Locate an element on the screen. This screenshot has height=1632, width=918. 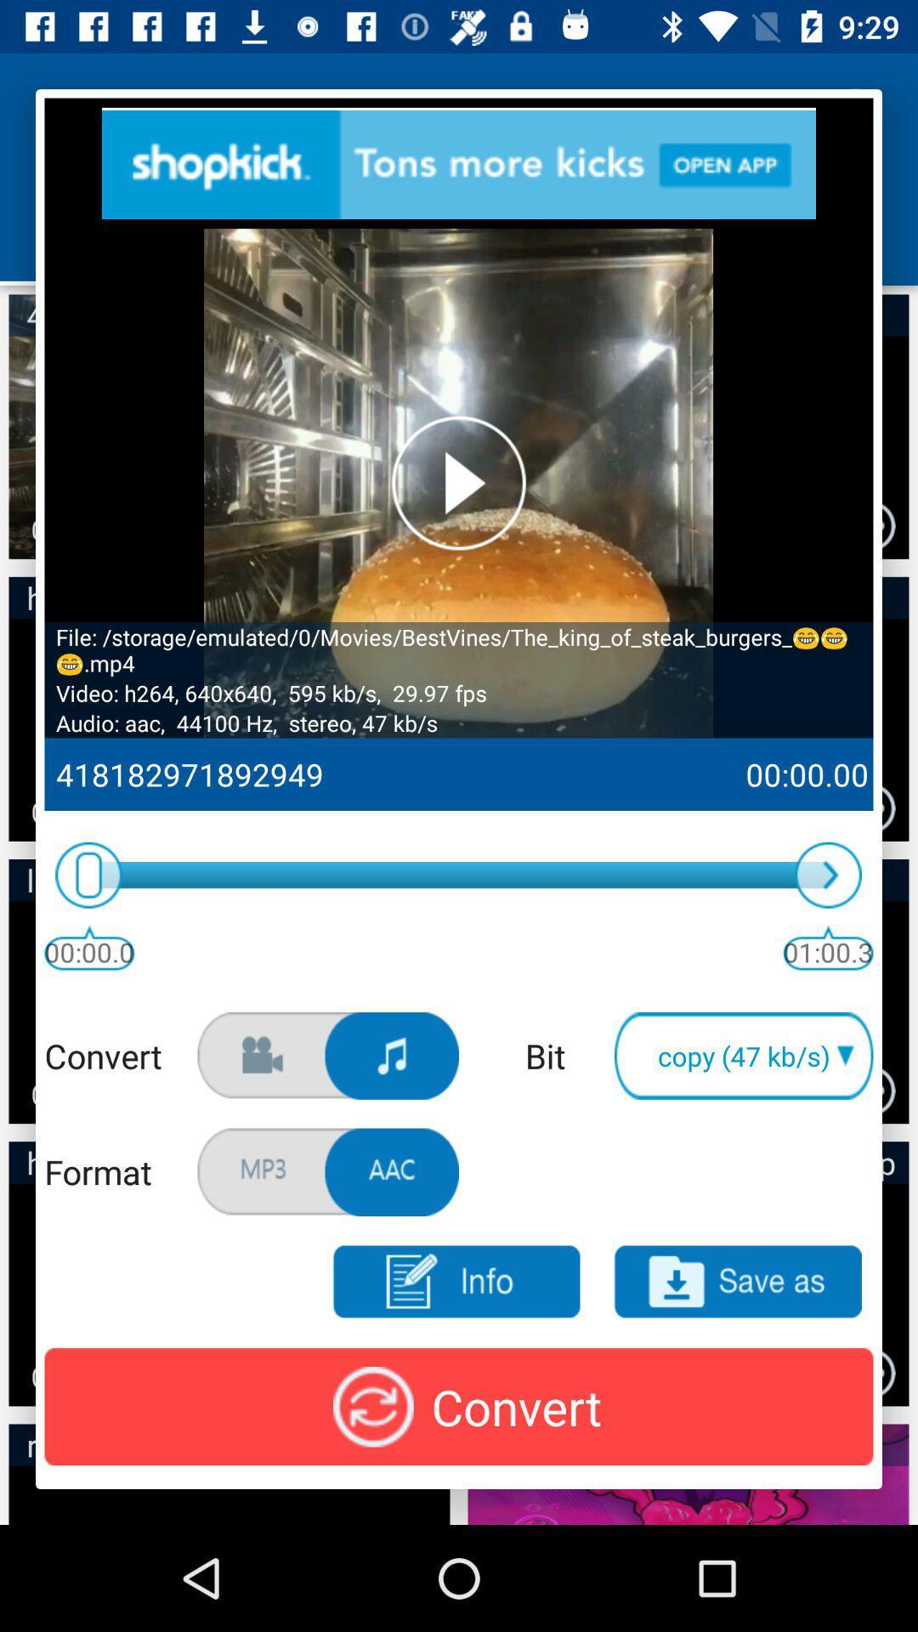
open info is located at coordinates (455, 1282).